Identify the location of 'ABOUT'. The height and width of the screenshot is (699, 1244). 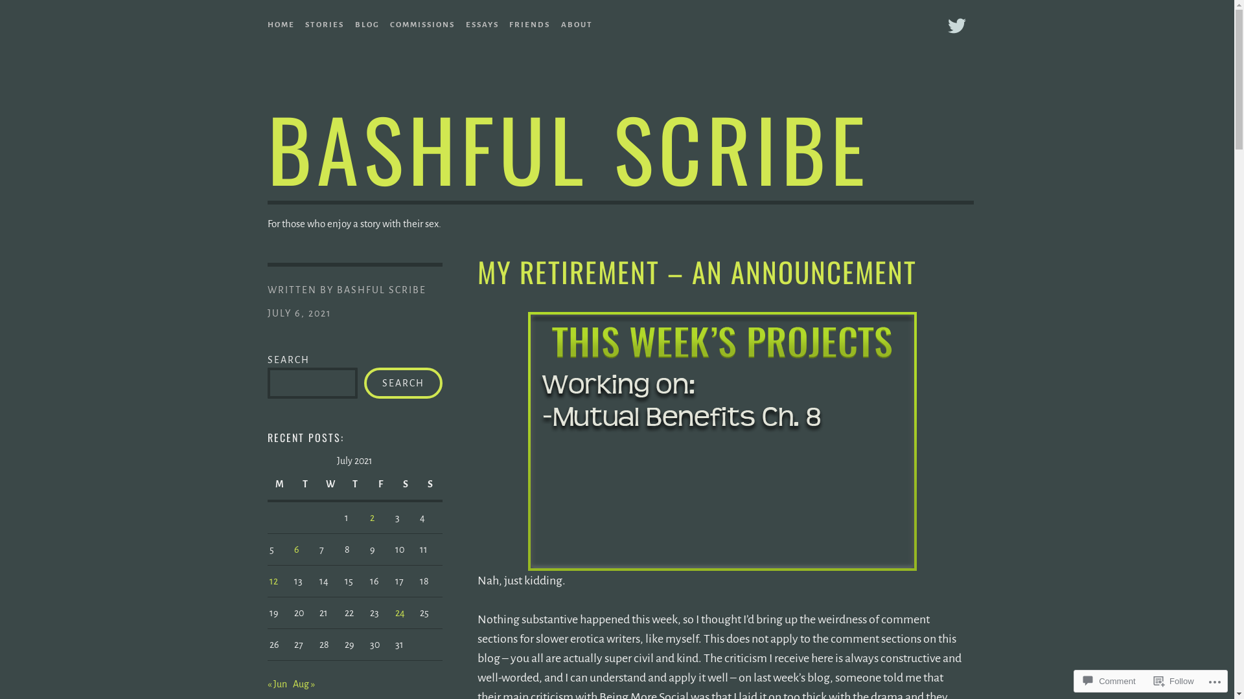
(576, 22).